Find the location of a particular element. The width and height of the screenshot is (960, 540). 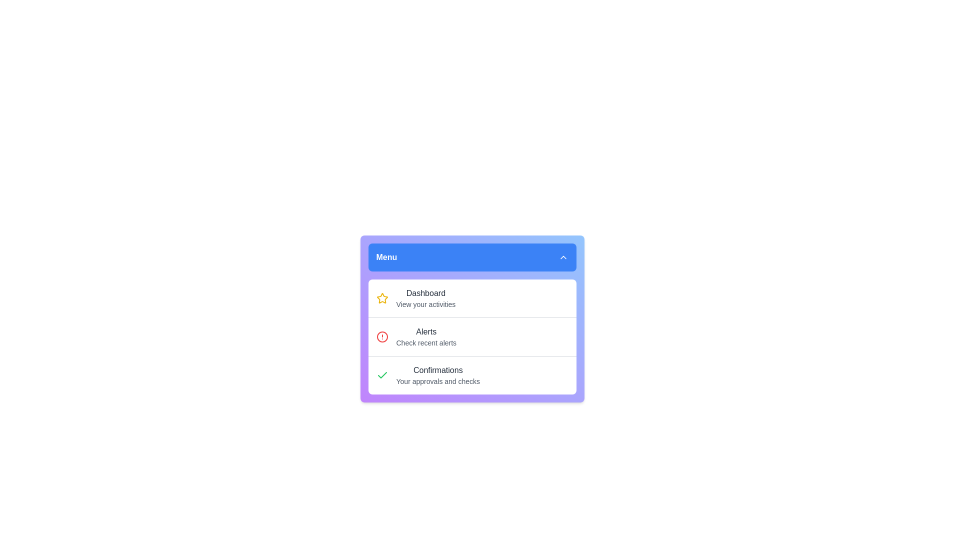

the 'Confirmations' list item, which features a green check icon and the description 'Your approvals and checks' is located at coordinates (438, 375).